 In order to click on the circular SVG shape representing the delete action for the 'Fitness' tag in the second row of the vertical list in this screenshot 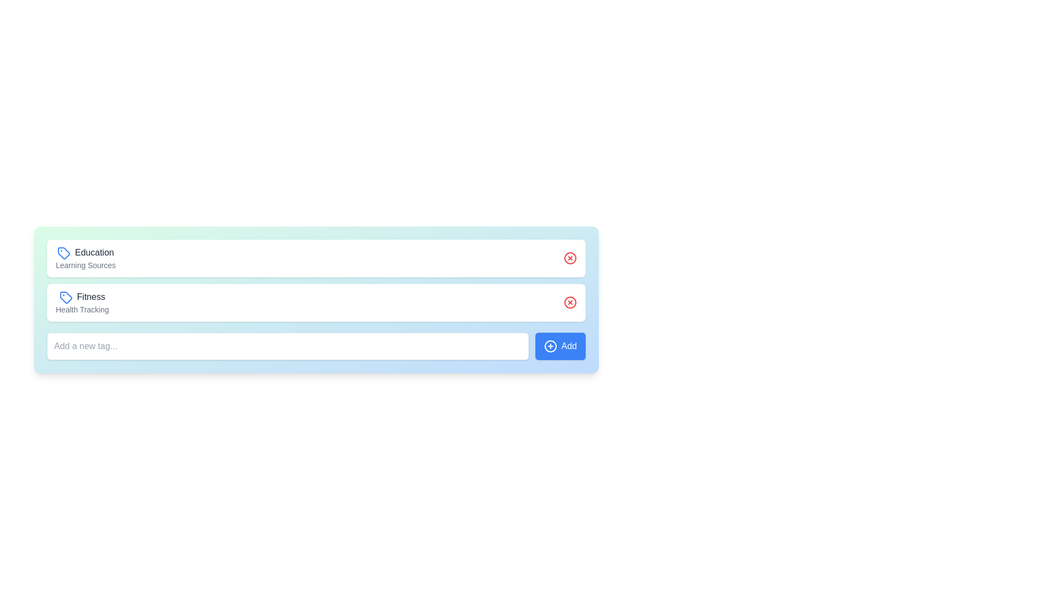, I will do `click(569, 302)`.